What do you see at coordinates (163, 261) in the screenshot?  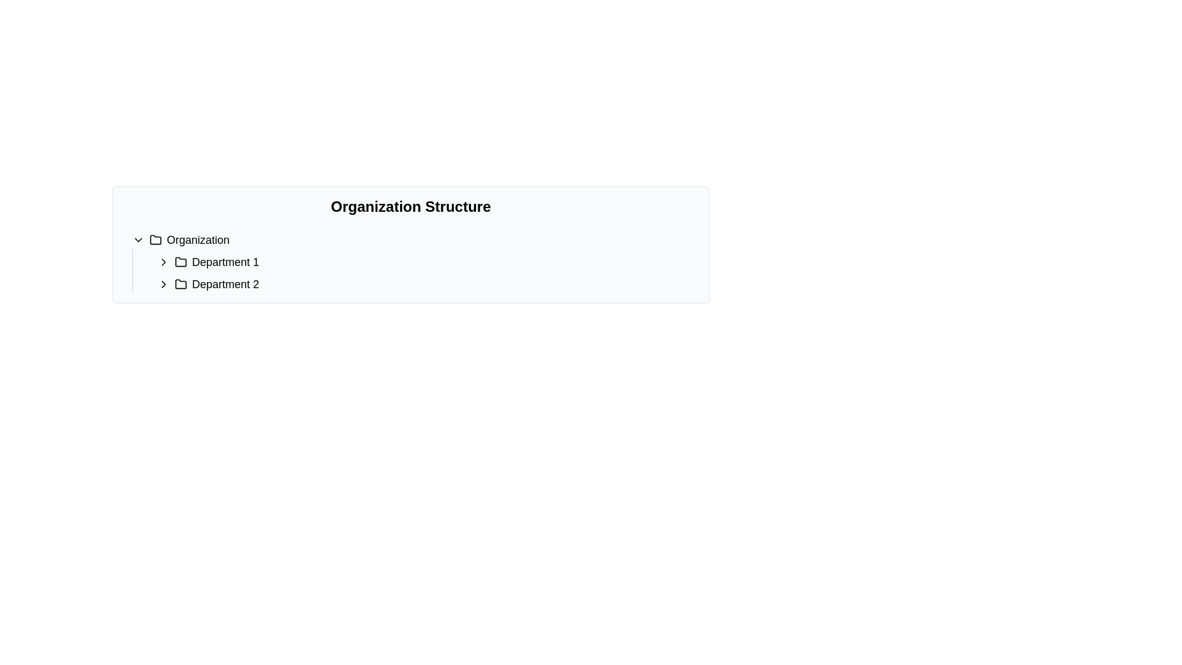 I see `the chevron icon` at bounding box center [163, 261].